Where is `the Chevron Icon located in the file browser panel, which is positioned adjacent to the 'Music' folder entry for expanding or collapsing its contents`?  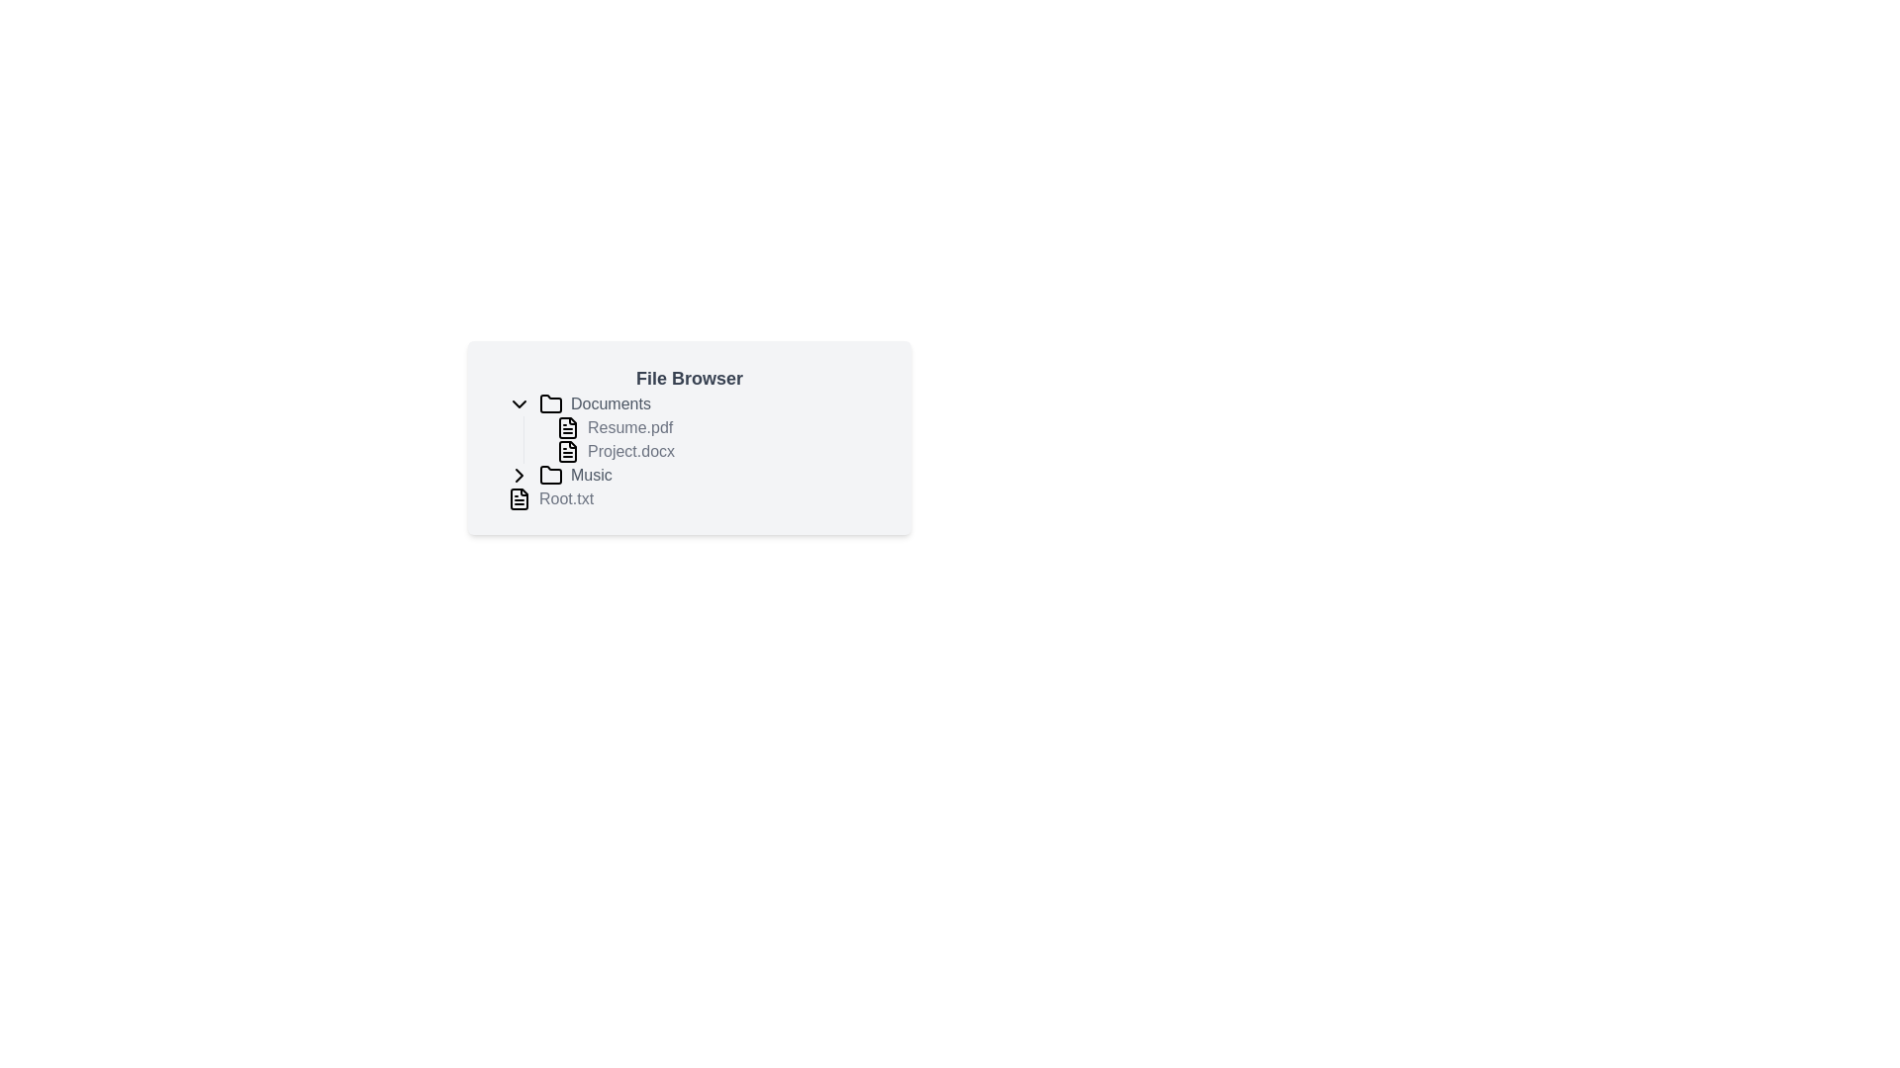
the Chevron Icon located in the file browser panel, which is positioned adjacent to the 'Music' folder entry for expanding or collapsing its contents is located at coordinates (519, 476).